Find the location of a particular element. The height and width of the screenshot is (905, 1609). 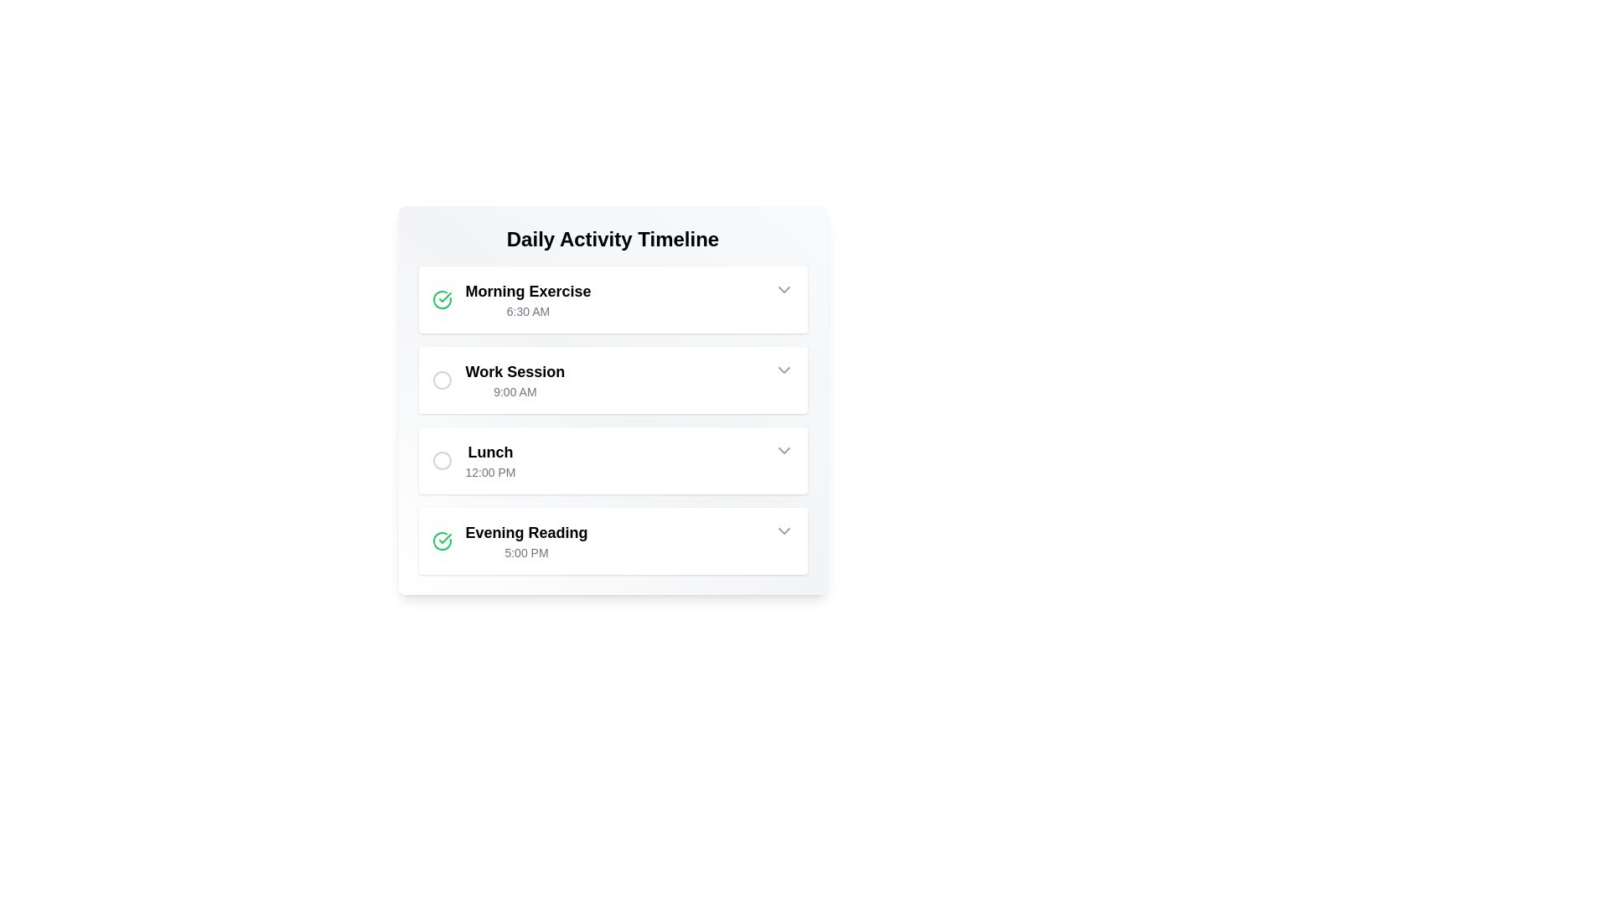

the activity name text block located in the Daily Activity Timeline section is located at coordinates (527, 299).